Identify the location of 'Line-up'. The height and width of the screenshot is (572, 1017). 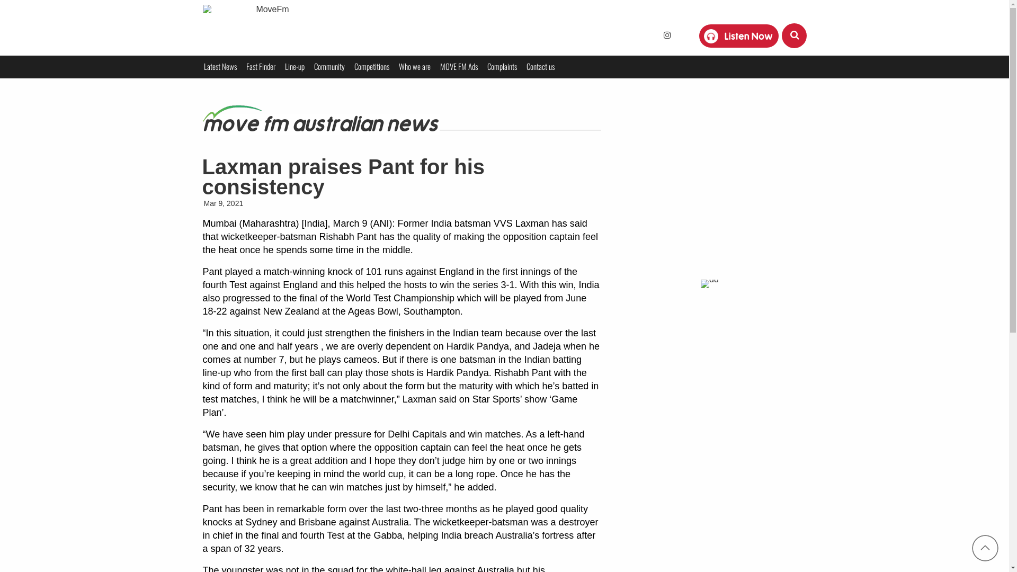
(280, 67).